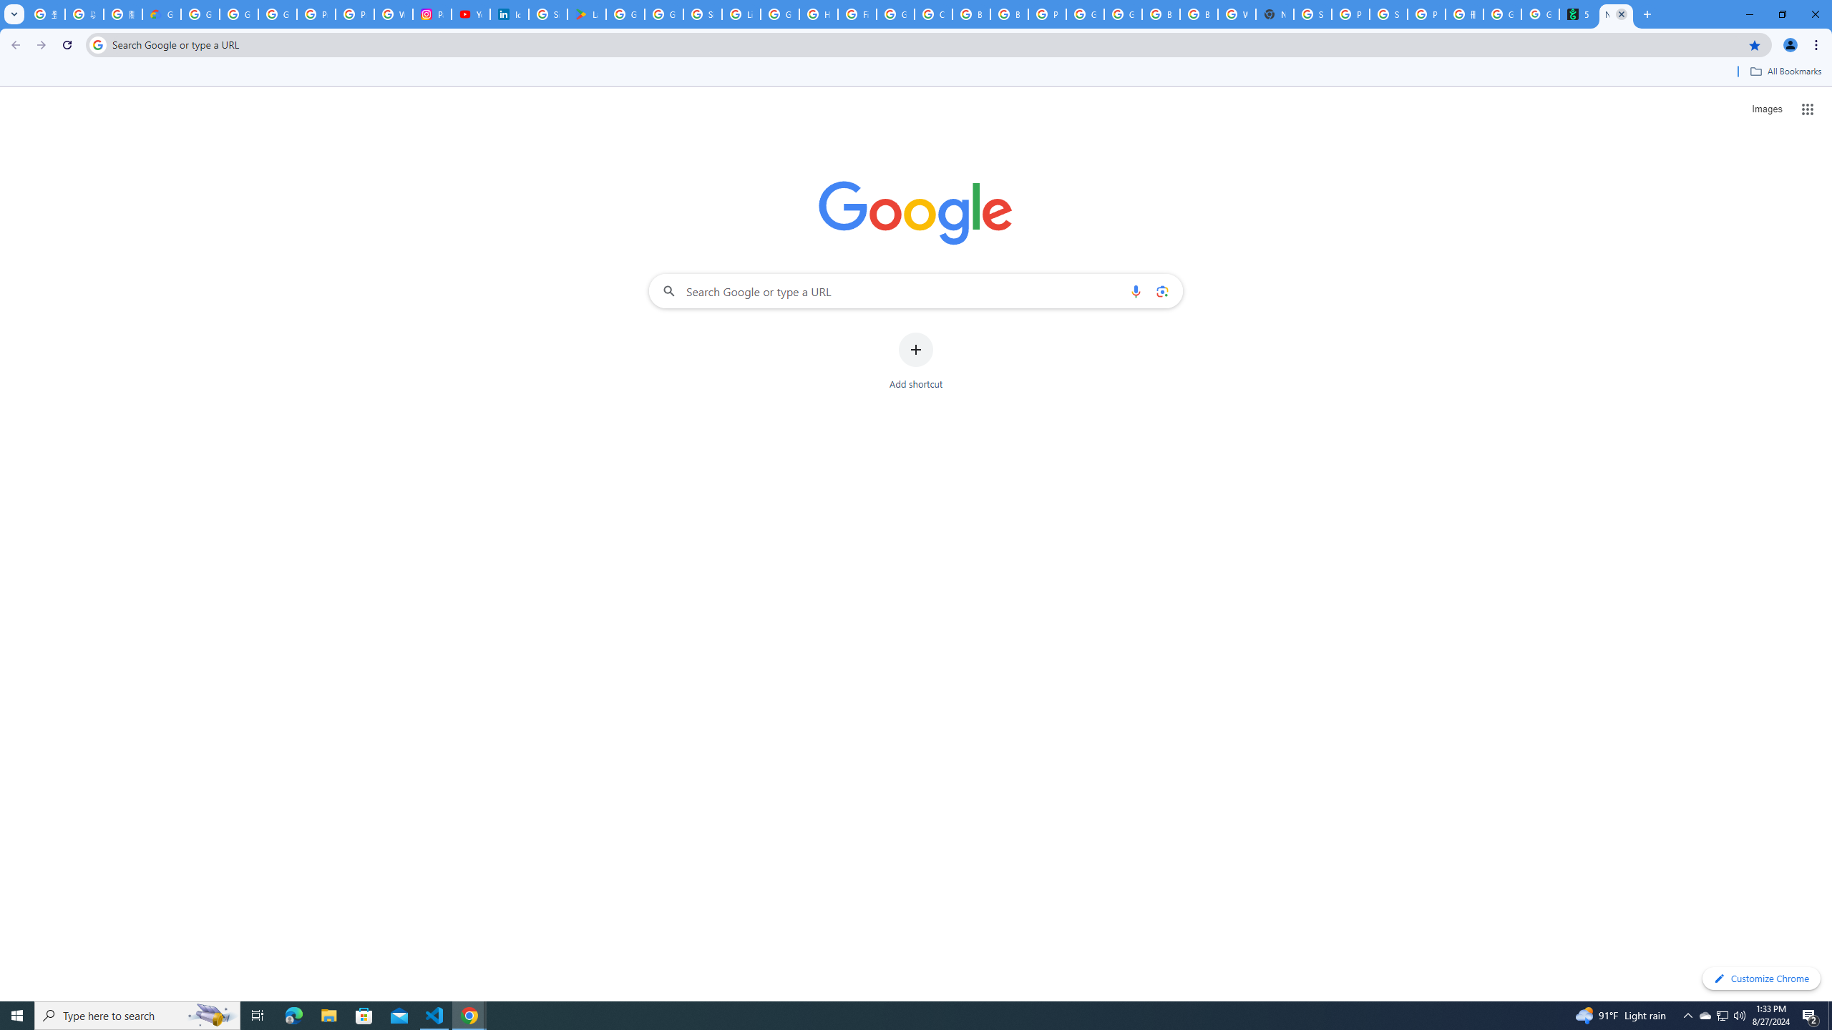  I want to click on 'Last Shelter: Survival - Apps on Google Play', so click(586, 14).